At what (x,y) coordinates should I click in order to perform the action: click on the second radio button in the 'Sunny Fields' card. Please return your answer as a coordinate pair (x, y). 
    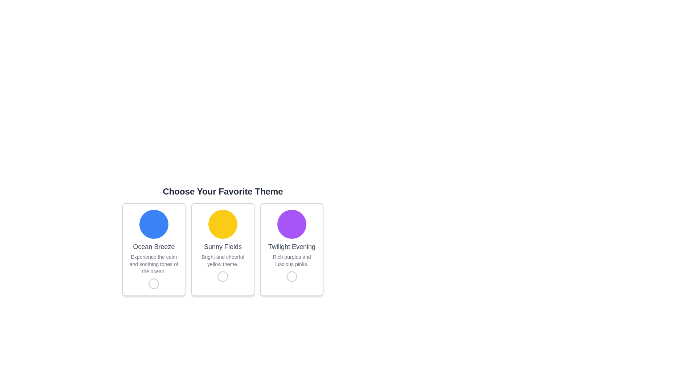
    Looking at the image, I should click on (223, 277).